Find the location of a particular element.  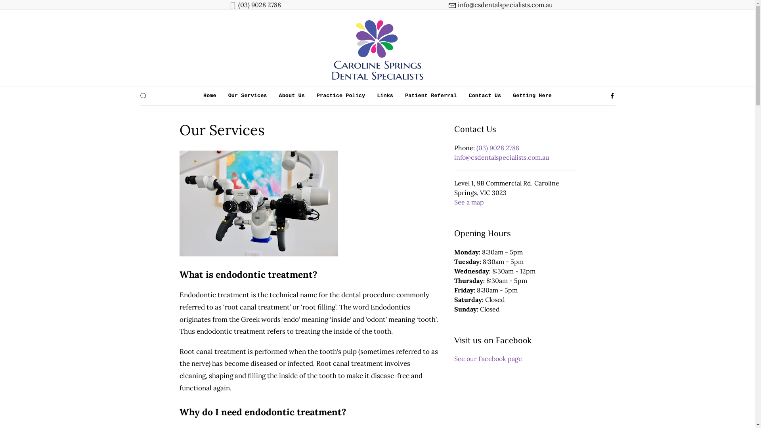

'See our Facebook page' is located at coordinates (488, 359).